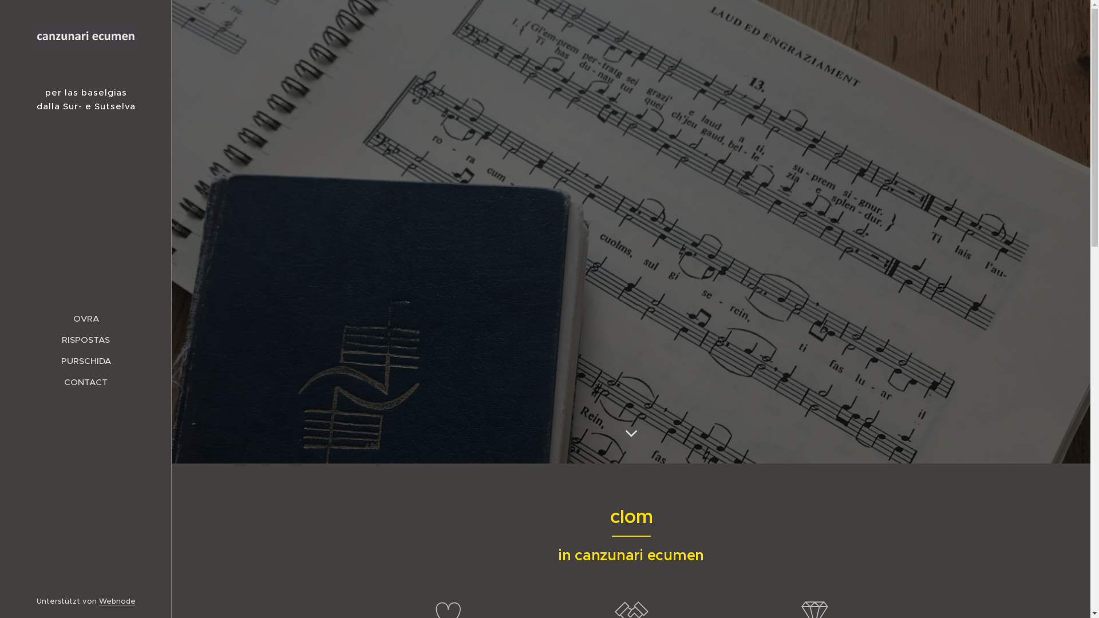 This screenshot has height=618, width=1099. What do you see at coordinates (85, 360) in the screenshot?
I see `'PURSCHIDA'` at bounding box center [85, 360].